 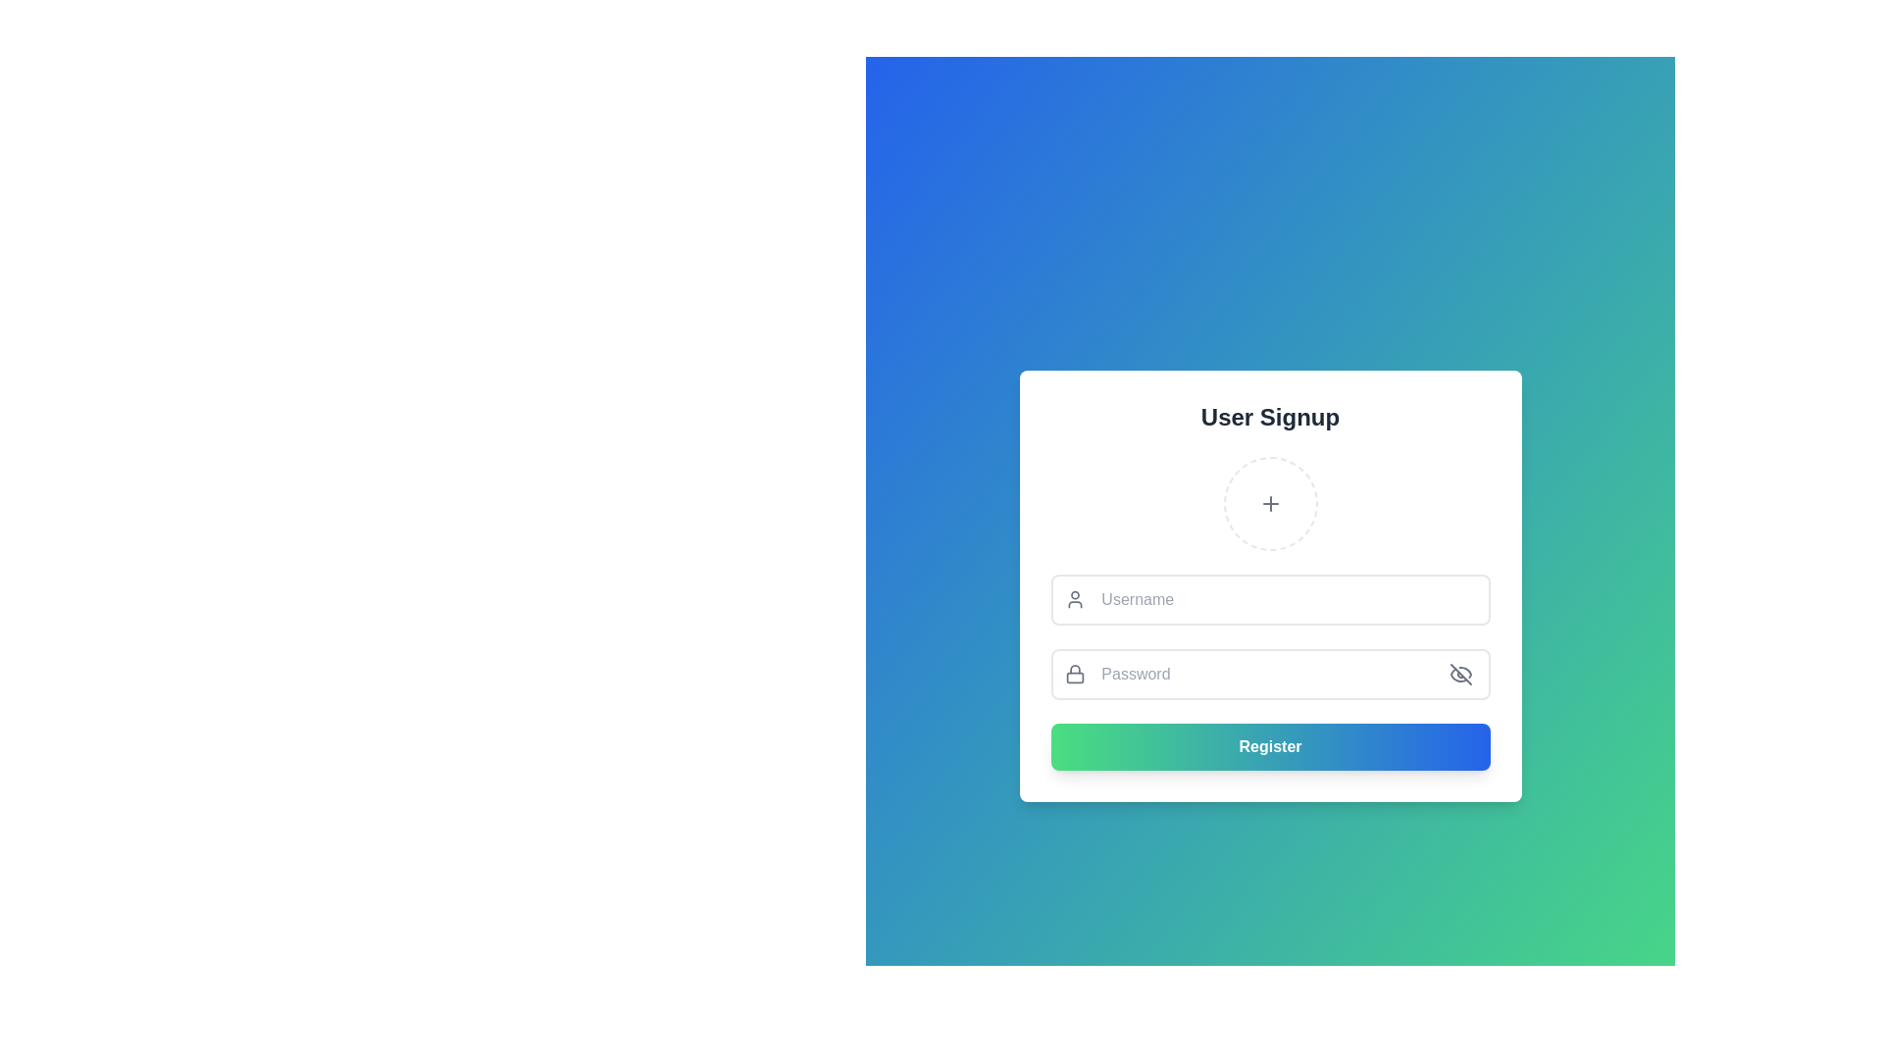 What do you see at coordinates (1270, 416) in the screenshot?
I see `the 'User Signup' text label, which is displayed in bold, large black font at the top of the signup form area` at bounding box center [1270, 416].